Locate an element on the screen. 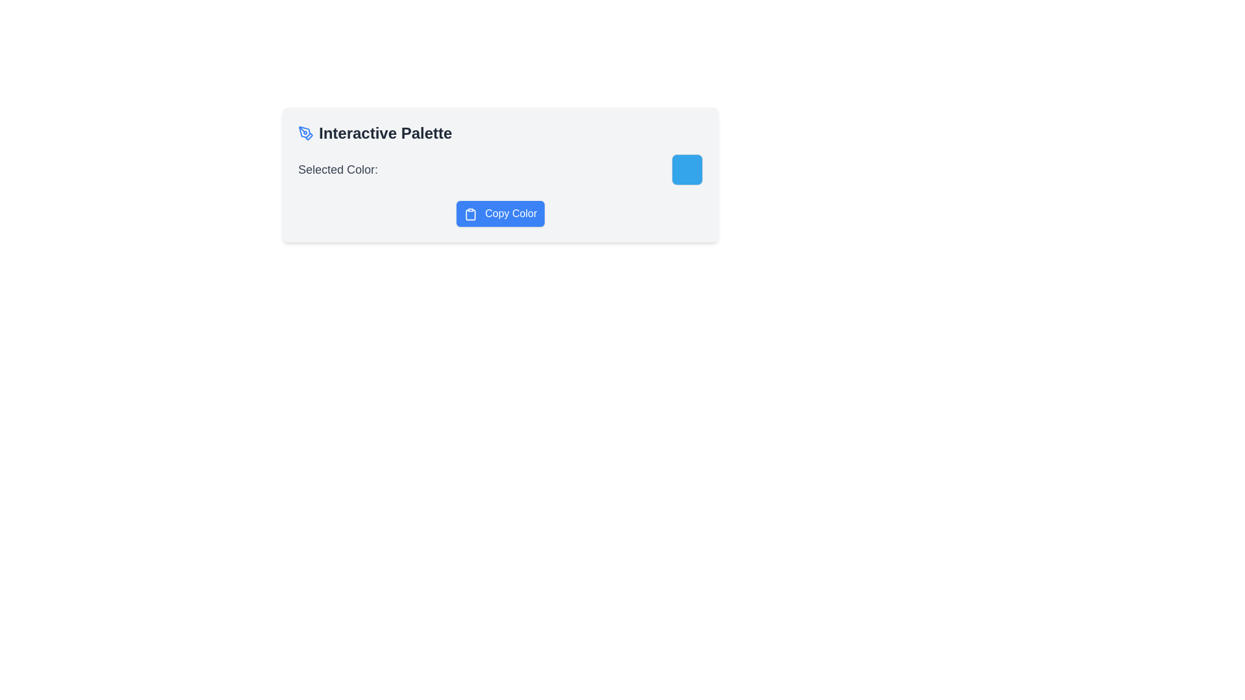  the blue rectangular 'Copy Color' button with rounded corners, which features white capitalized text and a clipboard icon is located at coordinates (500, 213).